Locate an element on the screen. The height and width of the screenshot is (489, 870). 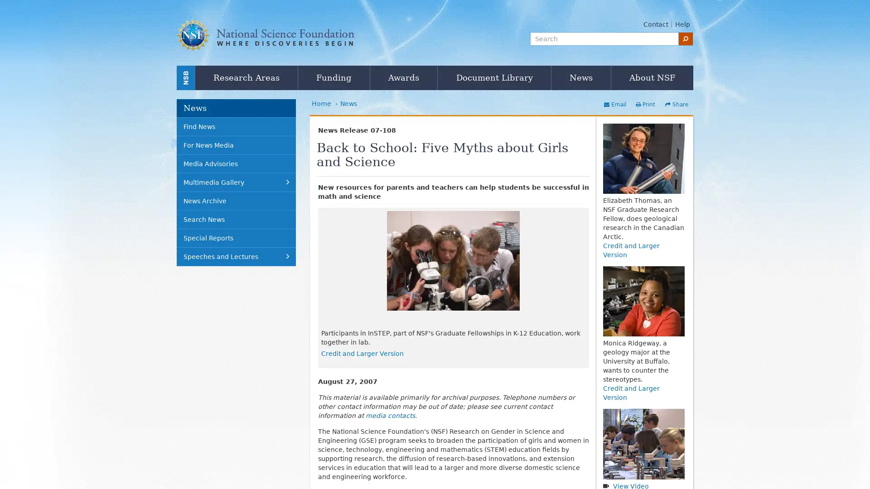
search is located at coordinates (686, 38).